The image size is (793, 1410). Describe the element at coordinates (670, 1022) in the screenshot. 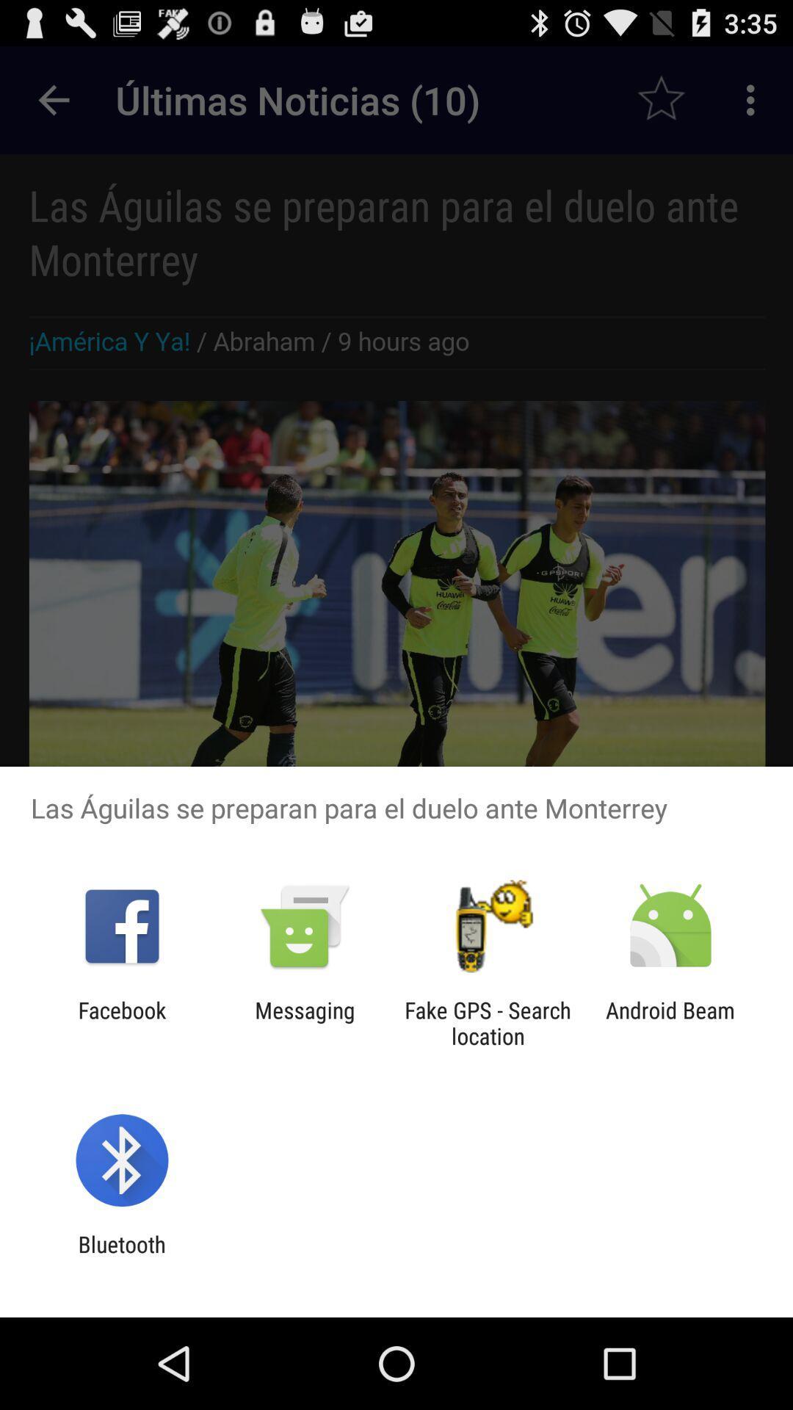

I see `the icon to the right of fake gps search app` at that location.